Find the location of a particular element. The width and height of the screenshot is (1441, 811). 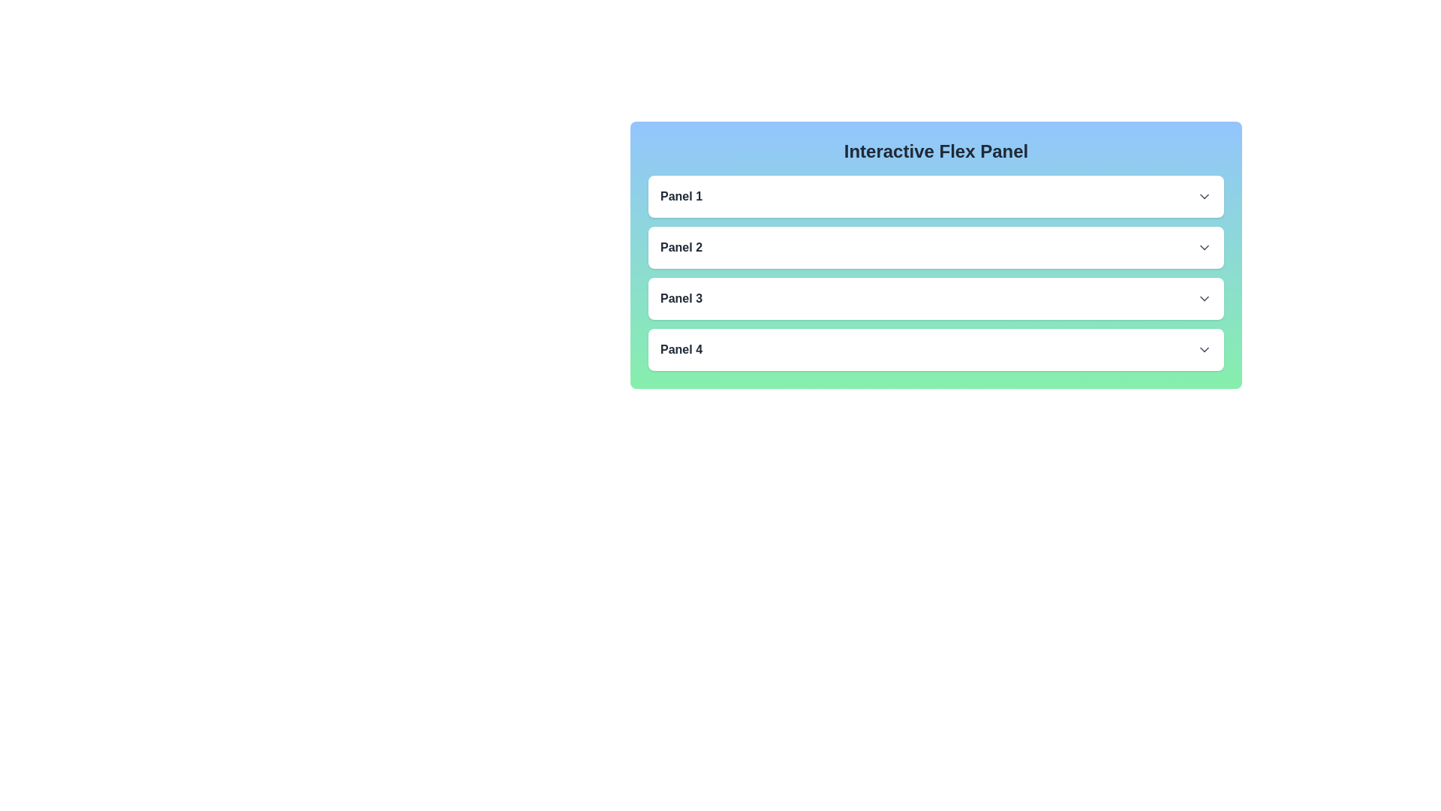

the downward-pointing chevron icon on the far right of 'Panel 4' is located at coordinates (1204, 350).